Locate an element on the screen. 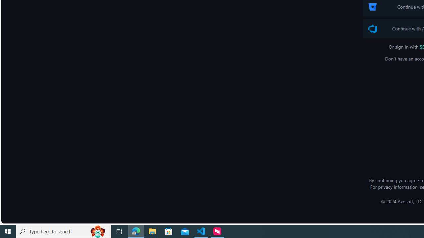 The image size is (424, 238). 'Visual Studio Code - 1 running window' is located at coordinates (201, 231).